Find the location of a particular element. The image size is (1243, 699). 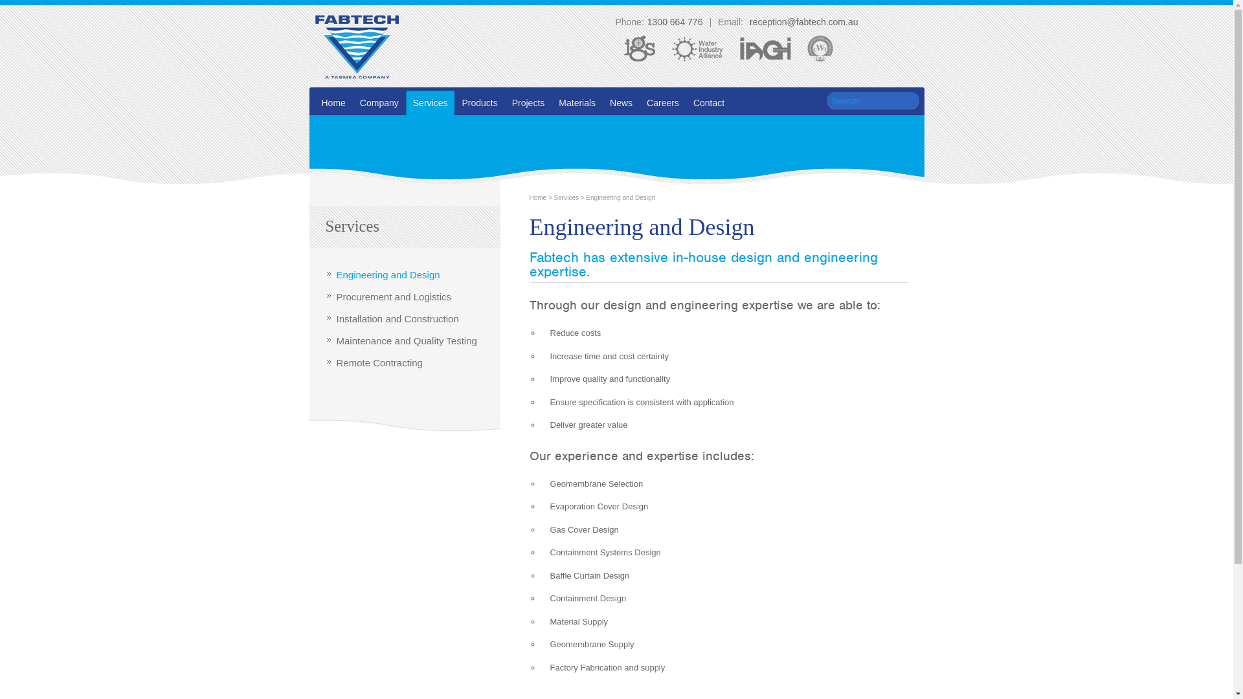

'Procurement and Logistics' is located at coordinates (394, 296).